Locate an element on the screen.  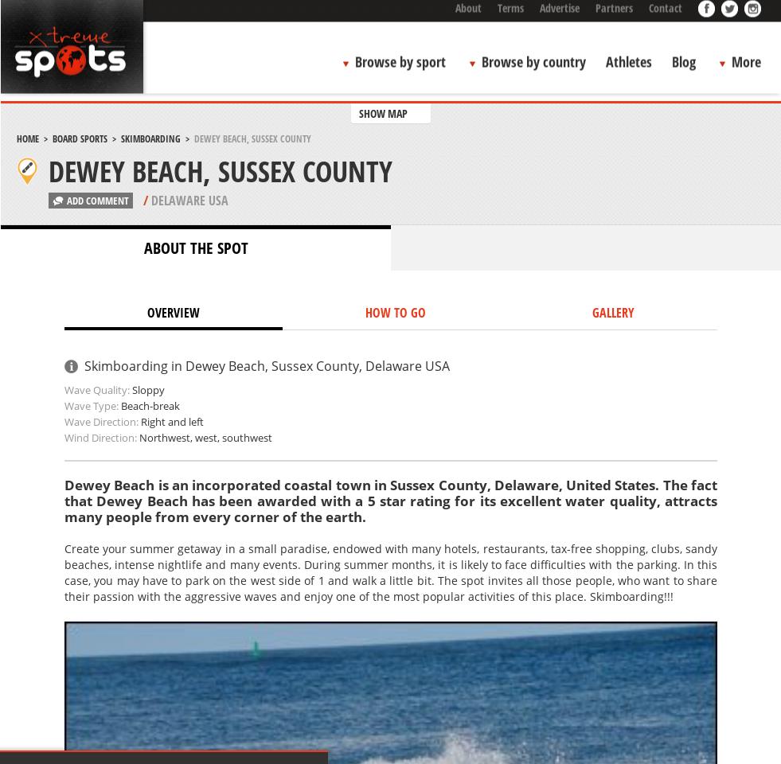
'OVERVIEW' is located at coordinates (172, 310).